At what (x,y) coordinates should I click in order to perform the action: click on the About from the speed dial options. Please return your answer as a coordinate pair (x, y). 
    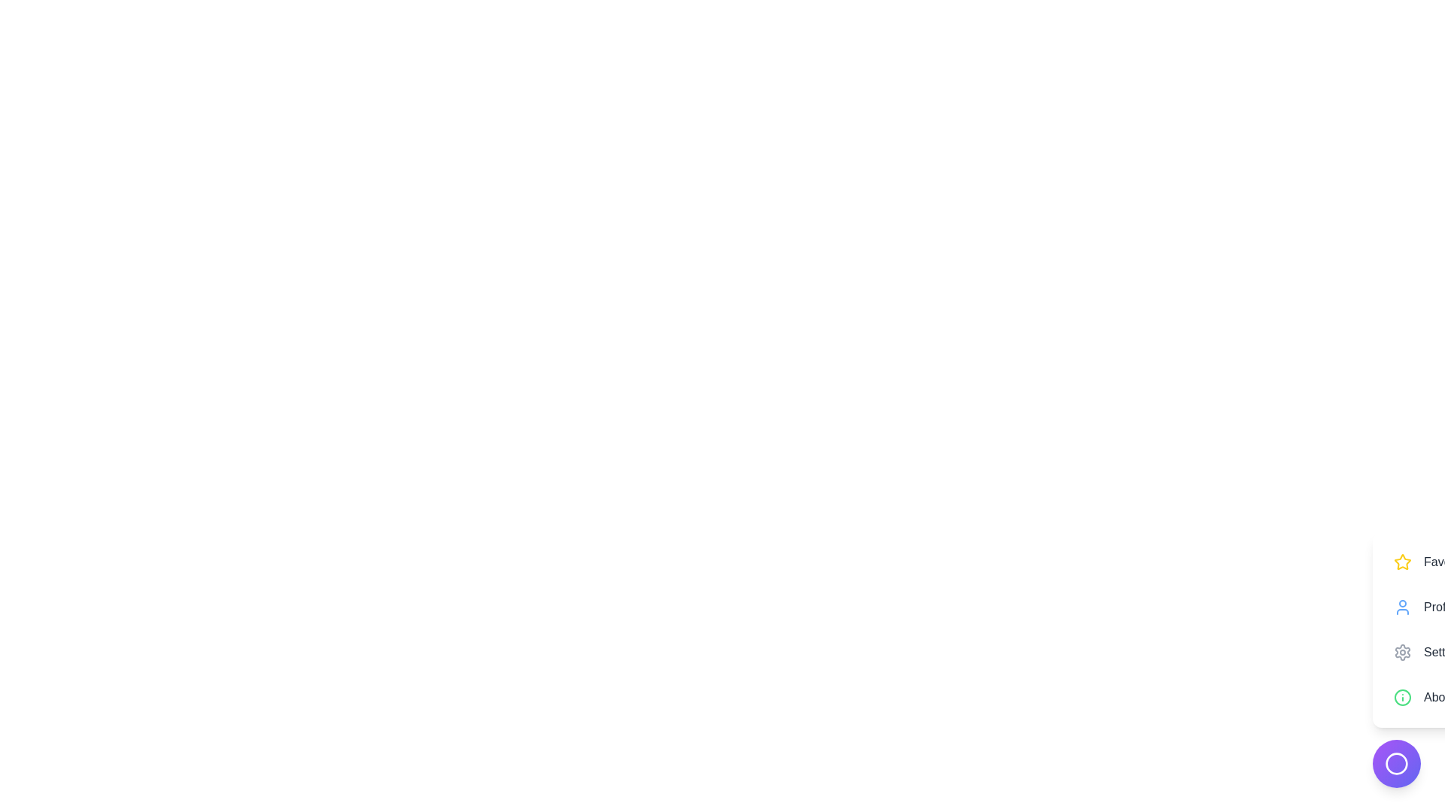
    Looking at the image, I should click on (1445, 698).